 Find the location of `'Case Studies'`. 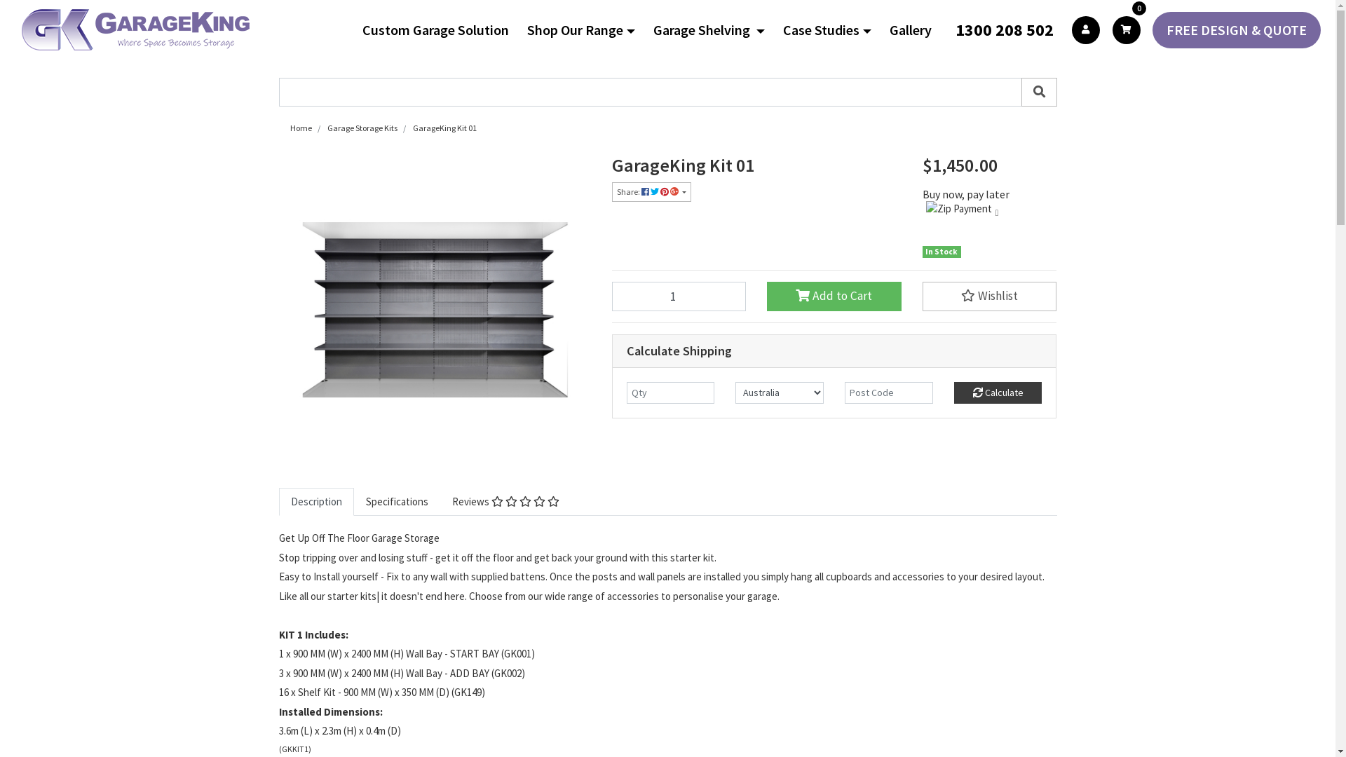

'Case Studies' is located at coordinates (833, 29).